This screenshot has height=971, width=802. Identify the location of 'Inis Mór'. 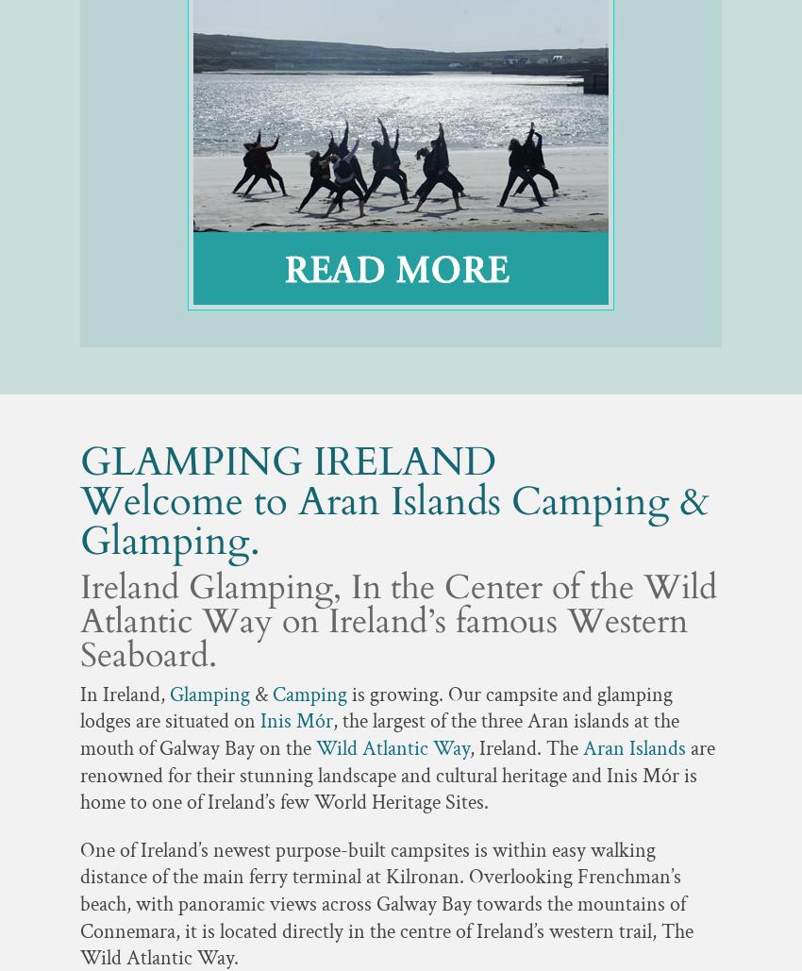
(296, 721).